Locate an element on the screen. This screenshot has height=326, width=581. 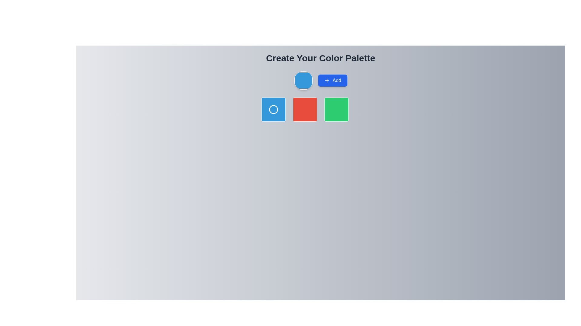
the first colored square icon in the palette creation tool, located on the left side of three colored squares below the 'Create Your Color Palette' text is located at coordinates (273, 109).